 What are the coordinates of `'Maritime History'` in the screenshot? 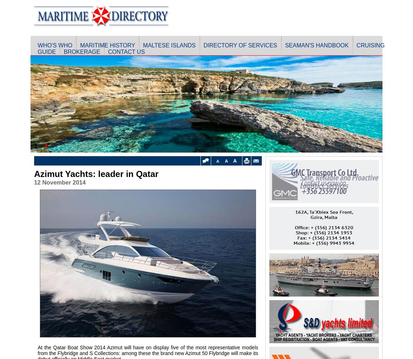 It's located at (107, 45).